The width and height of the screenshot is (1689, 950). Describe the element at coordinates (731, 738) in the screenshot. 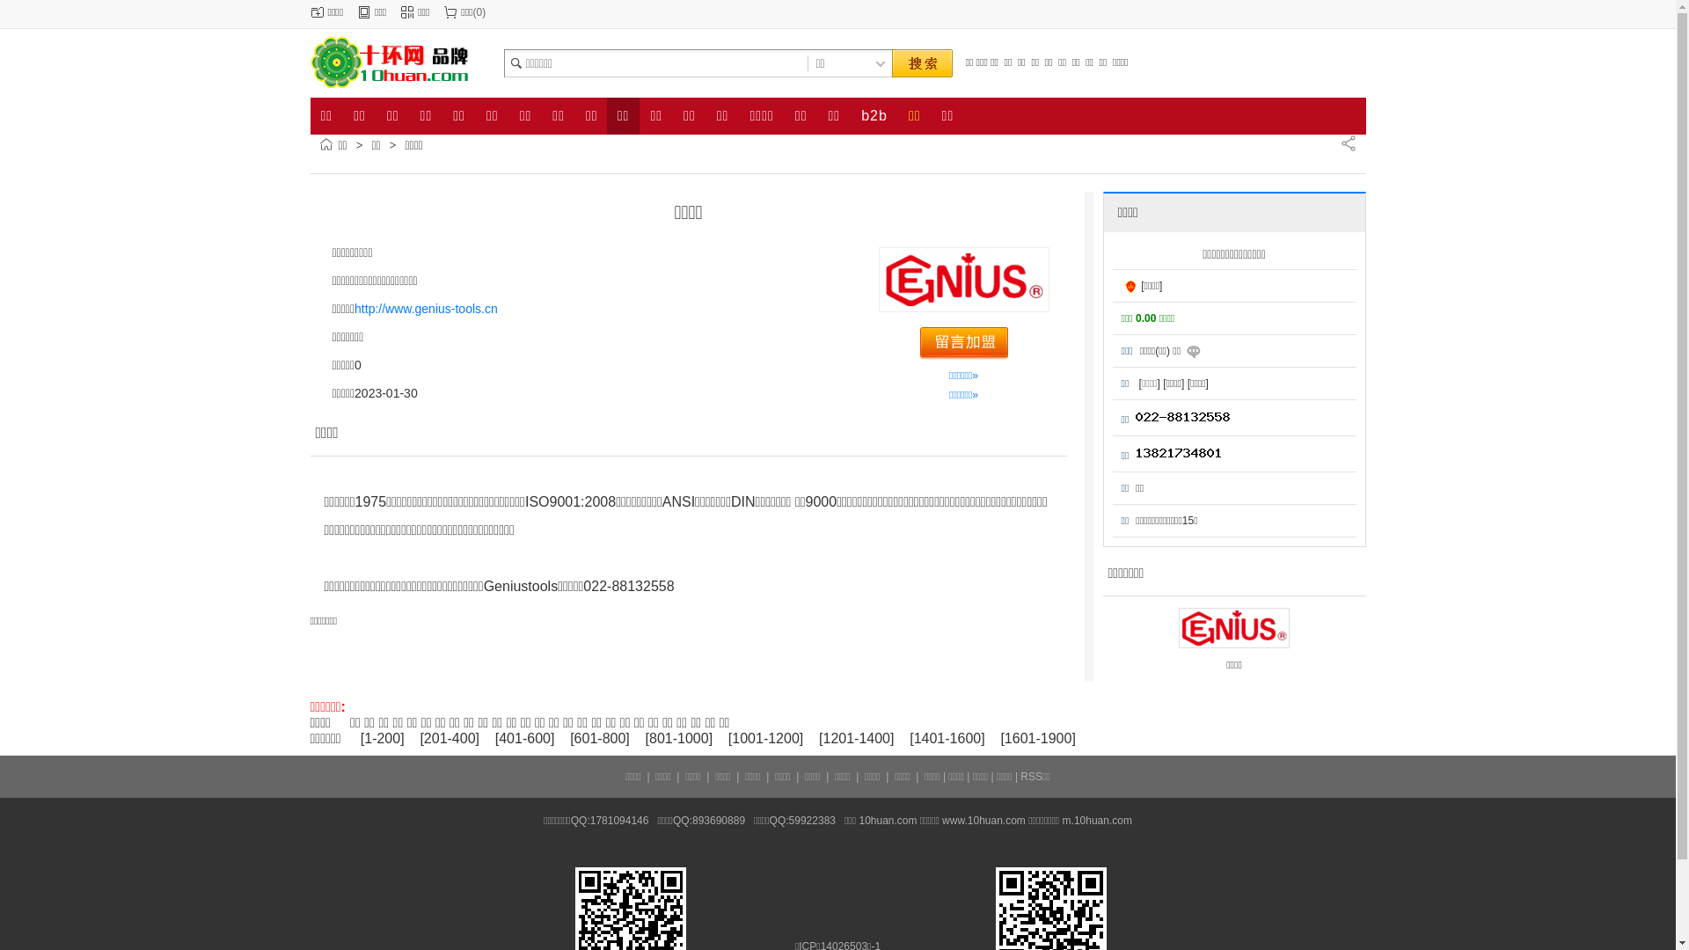

I see `'1001-1200'` at that location.